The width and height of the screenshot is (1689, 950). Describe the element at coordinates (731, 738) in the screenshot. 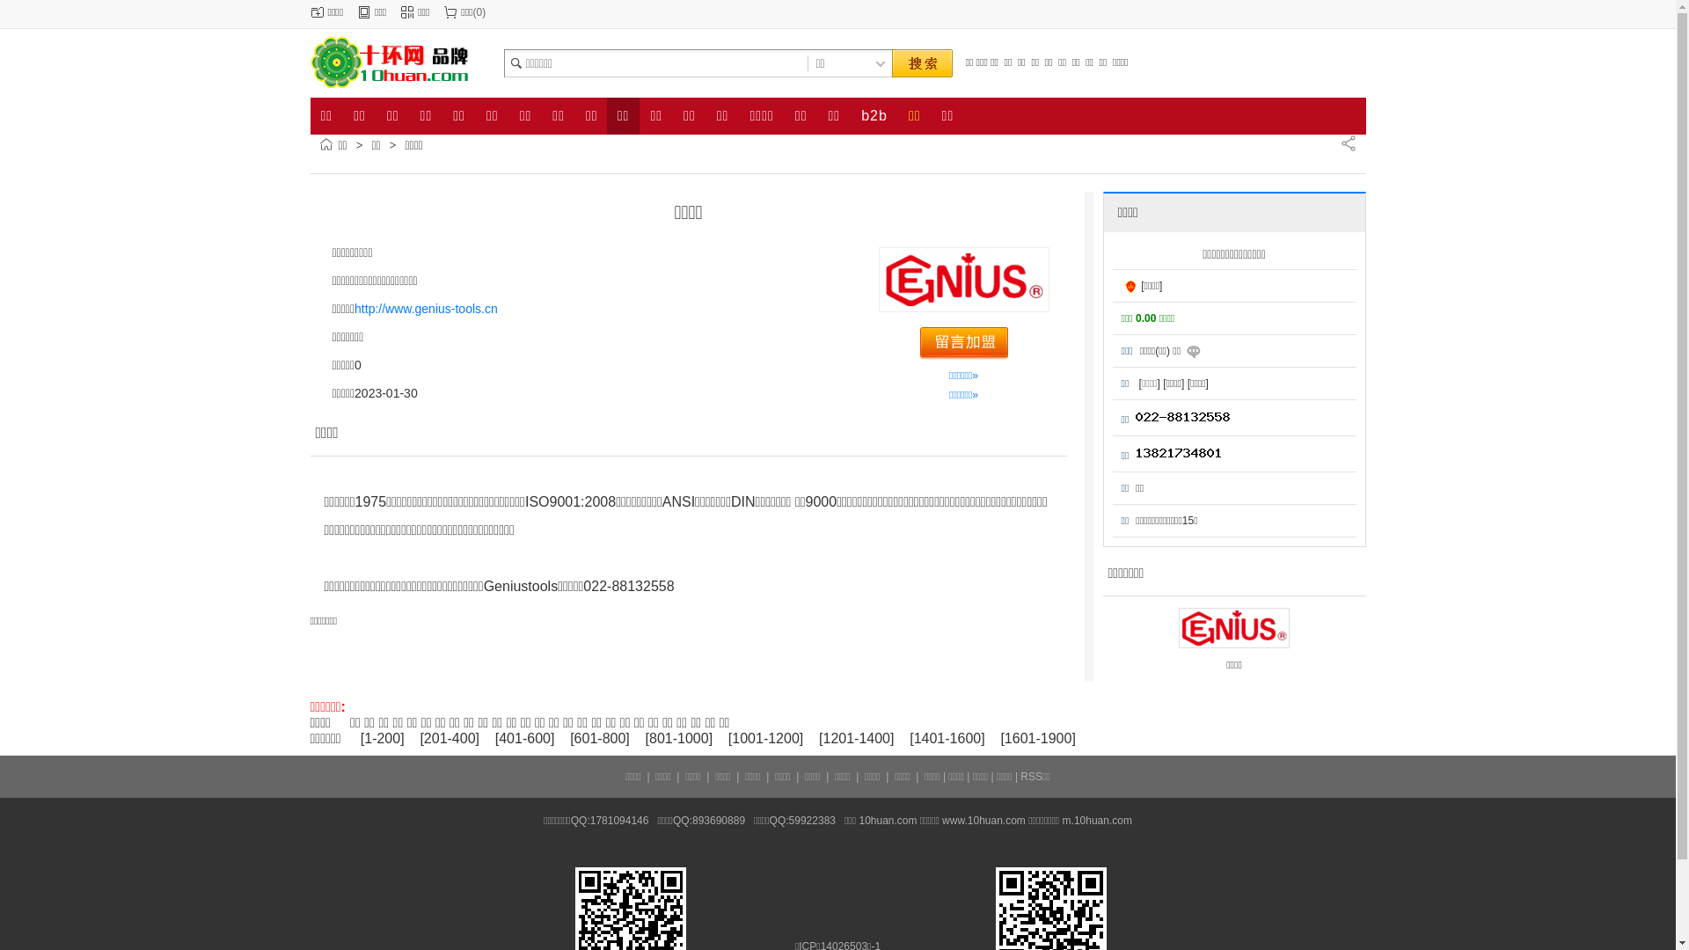

I see `'1001-1200'` at that location.